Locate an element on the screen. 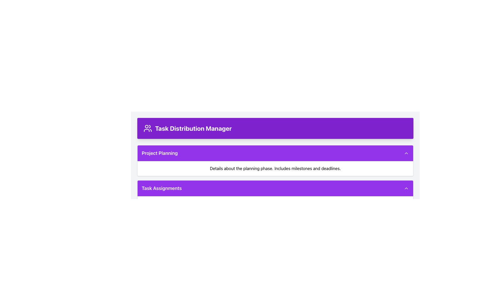  the 'Task Assignments' label which is displayed in bold white text on a purple background, positioned at the bottom of the section is located at coordinates (161, 188).